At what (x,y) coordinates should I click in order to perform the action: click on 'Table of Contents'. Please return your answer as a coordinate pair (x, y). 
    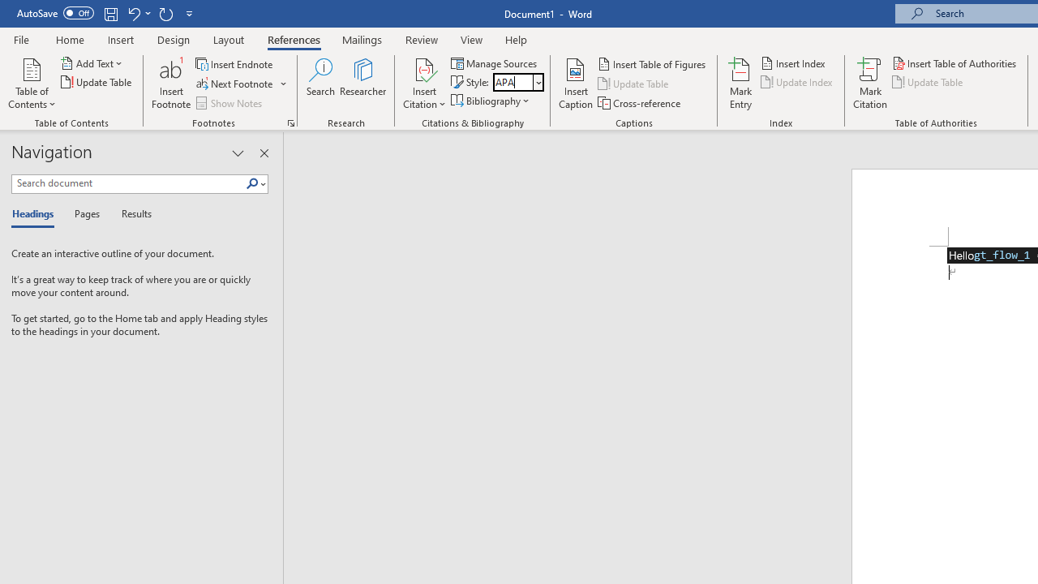
    Looking at the image, I should click on (32, 84).